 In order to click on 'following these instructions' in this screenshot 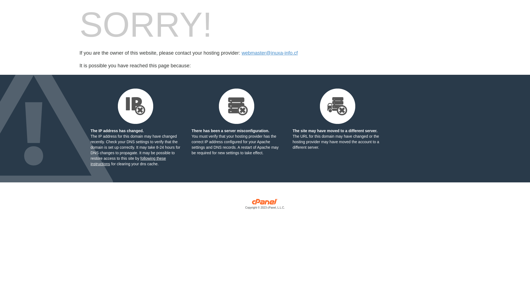, I will do `click(128, 161)`.